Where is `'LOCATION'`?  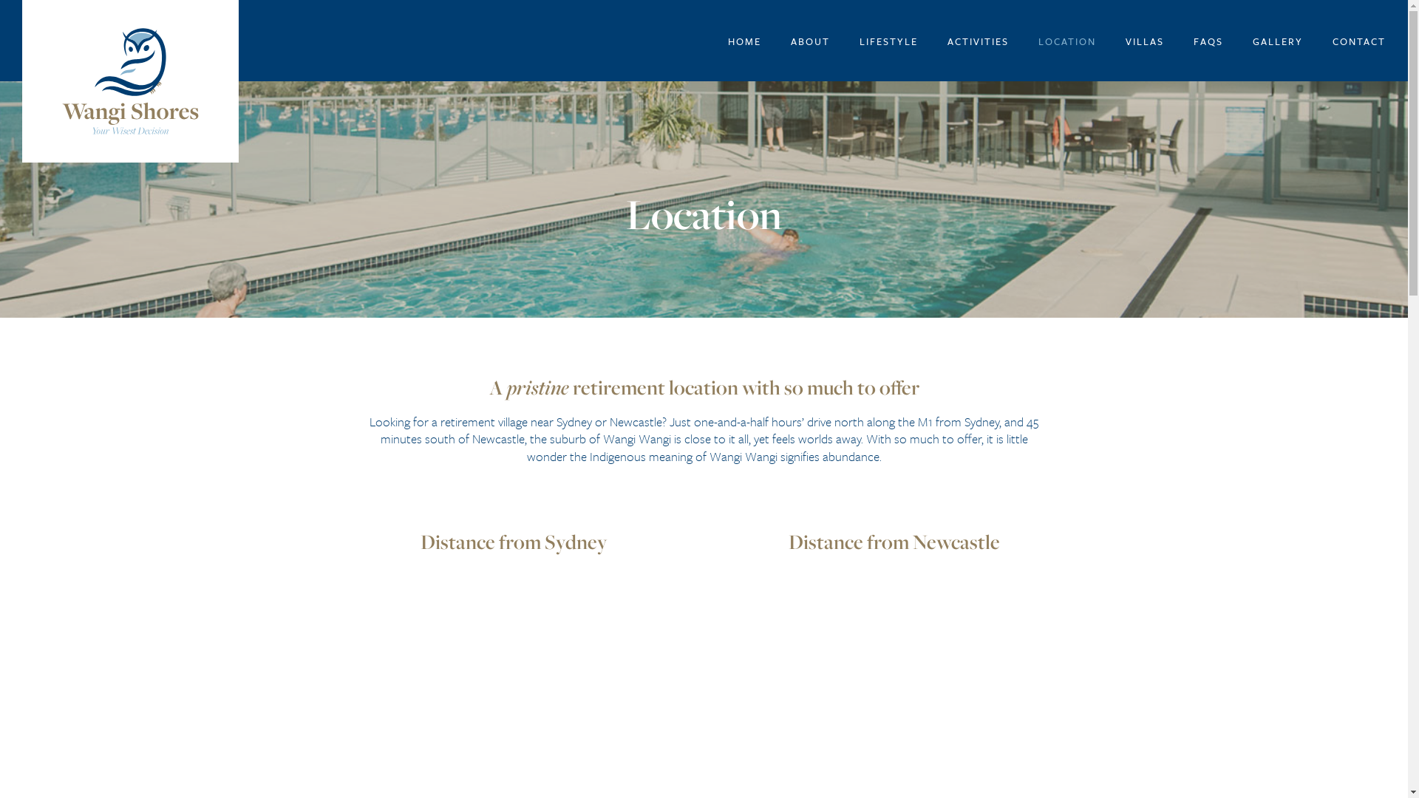 'LOCATION' is located at coordinates (1067, 39).